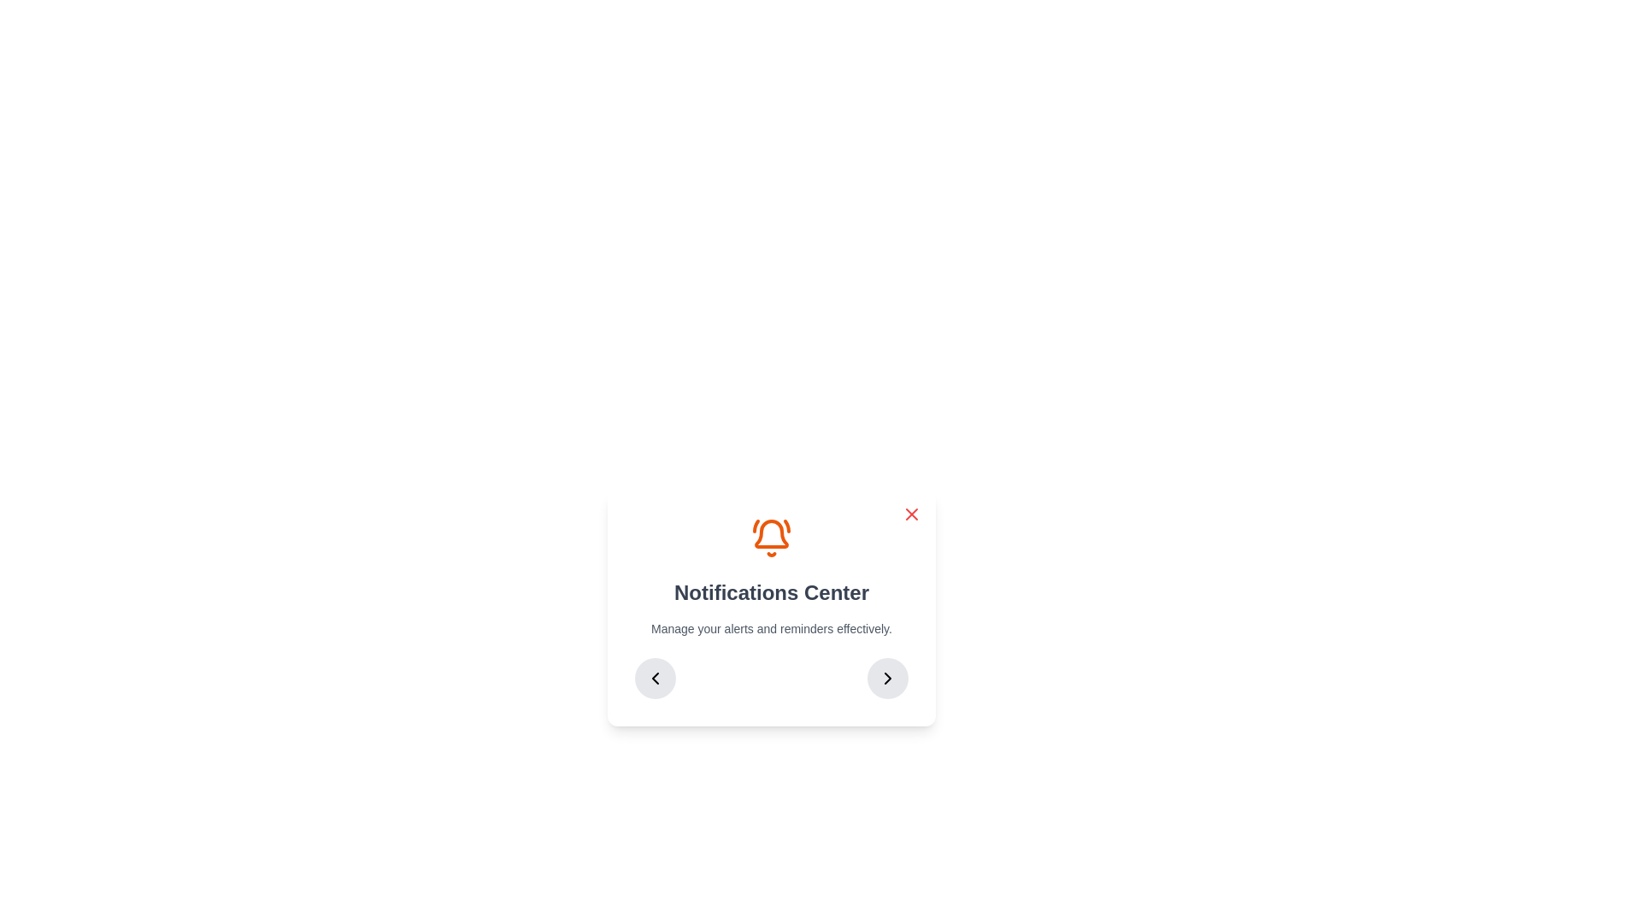 This screenshot has width=1641, height=923. Describe the element at coordinates (887, 678) in the screenshot. I see `the circular button with a gray background and a black chevron pointing to the right, located at the bottom-right corner of the notification modal` at that location.